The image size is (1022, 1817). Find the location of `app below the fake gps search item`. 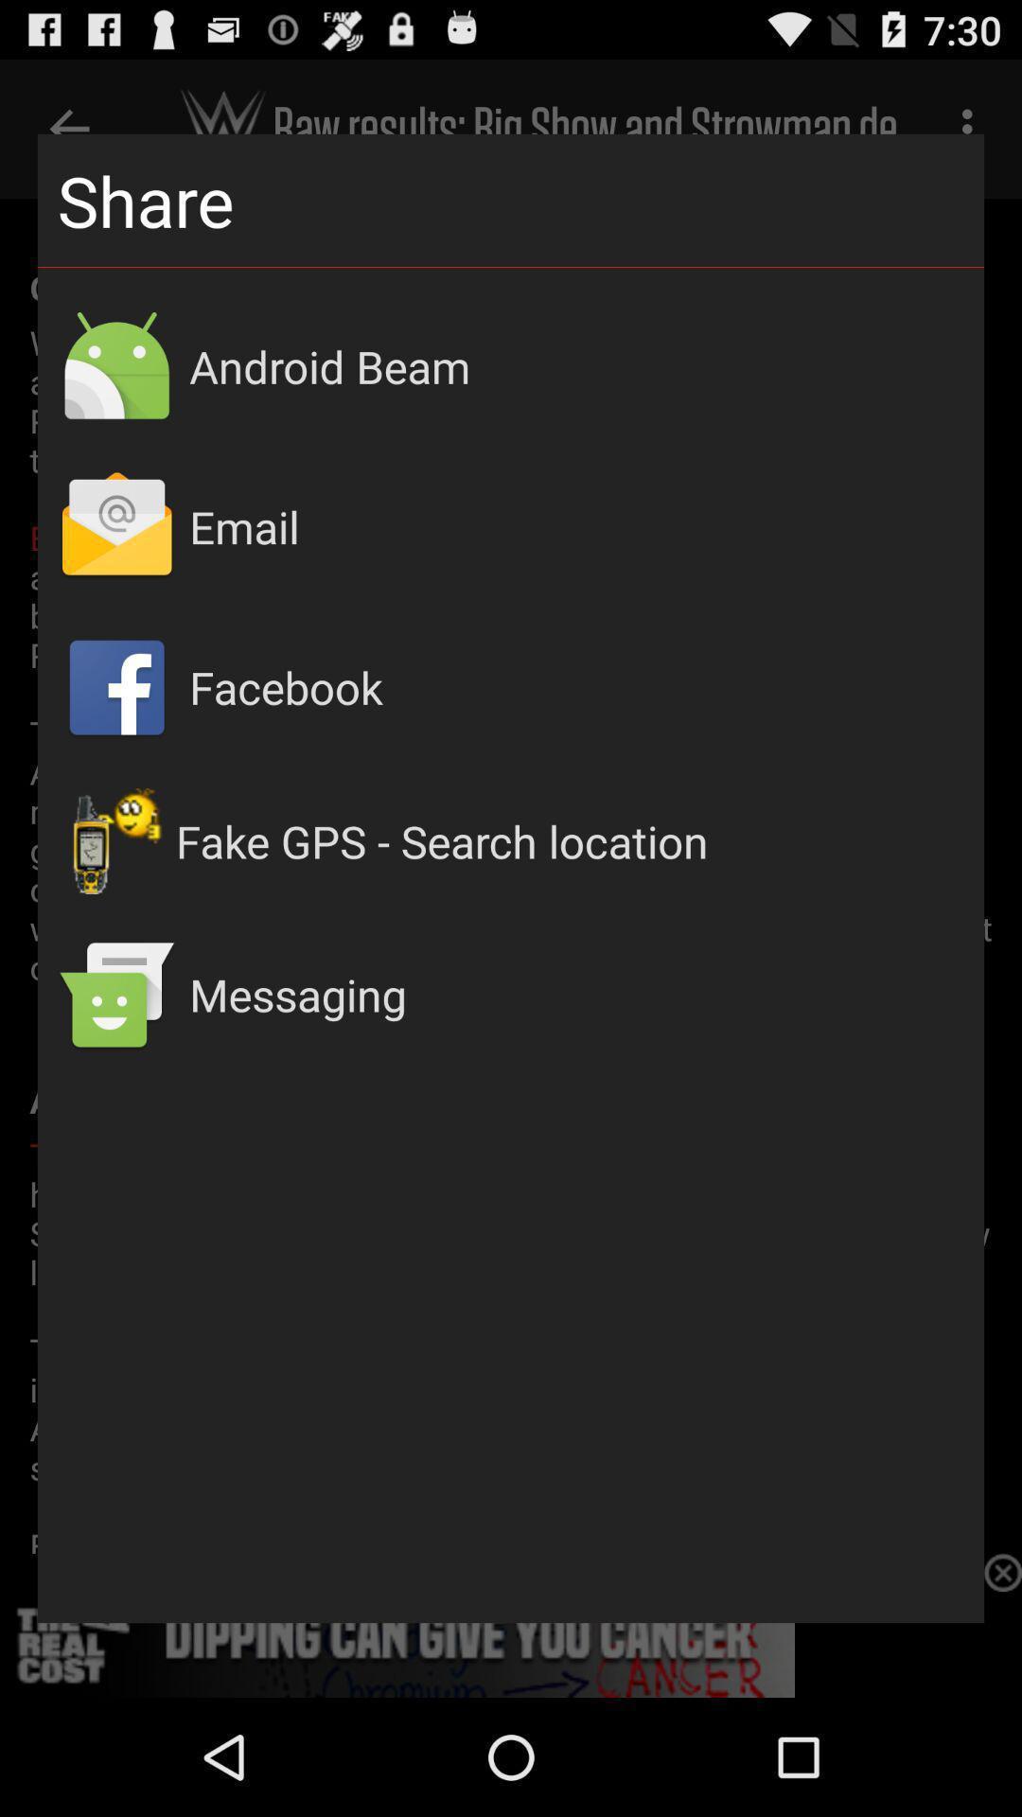

app below the fake gps search item is located at coordinates (575, 994).